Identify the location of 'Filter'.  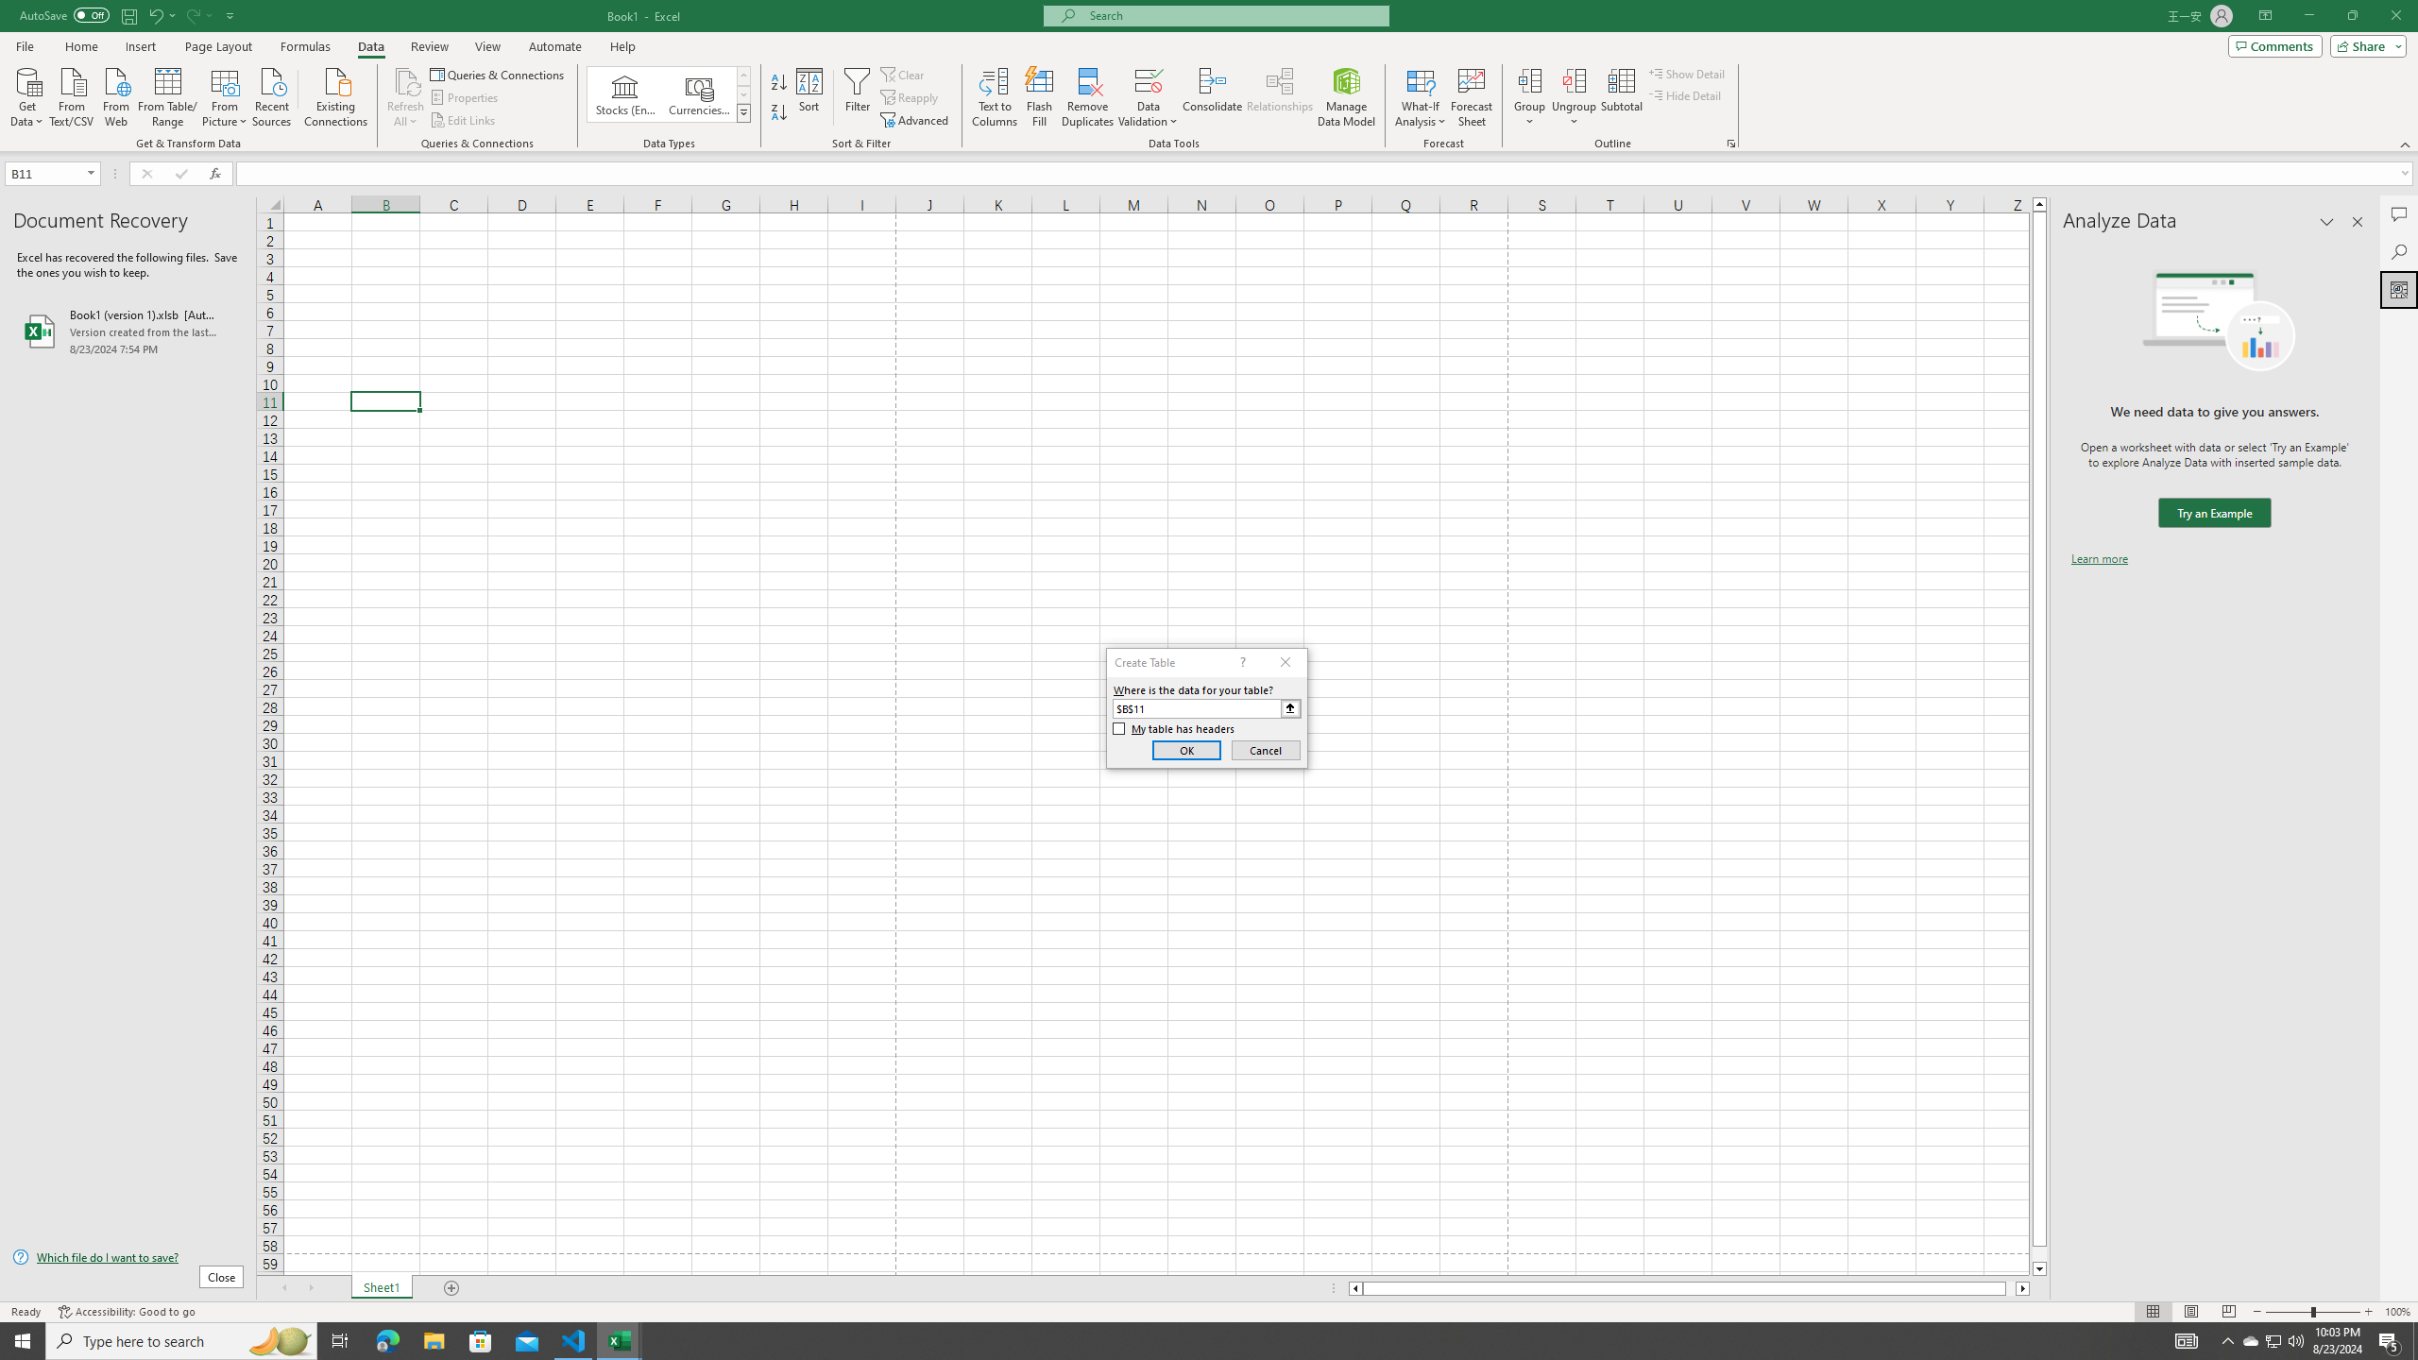
(856, 97).